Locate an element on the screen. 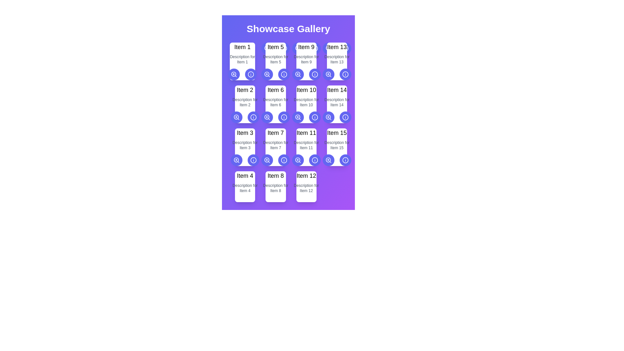 The width and height of the screenshot is (624, 351). the circular button with an indigo background and a white info icon located in the ninth group of the fourth column in a 4x4 grid, specifically the second button beneath the 'Item 11' card, to observe its styling change to purple is located at coordinates (315, 160).